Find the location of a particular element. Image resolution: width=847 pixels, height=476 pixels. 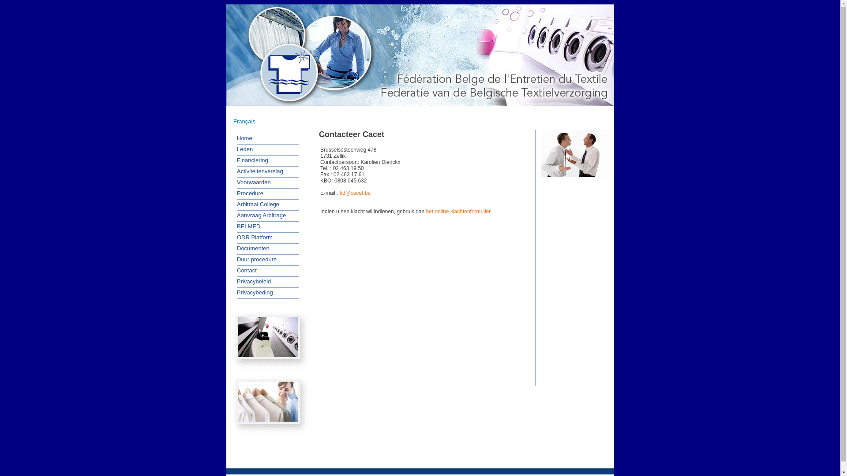

'Aanvraag Arbitrage' is located at coordinates (258, 216).